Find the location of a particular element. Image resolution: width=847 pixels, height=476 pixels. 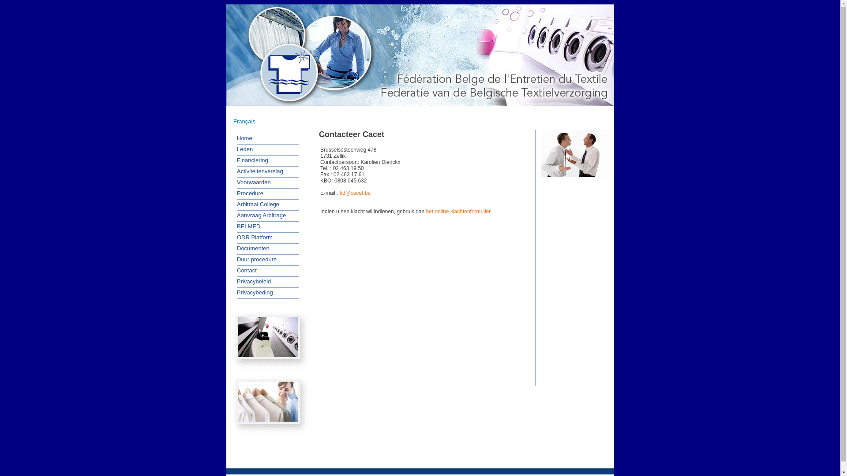

'Aanvraag Arbitrage' is located at coordinates (258, 216).